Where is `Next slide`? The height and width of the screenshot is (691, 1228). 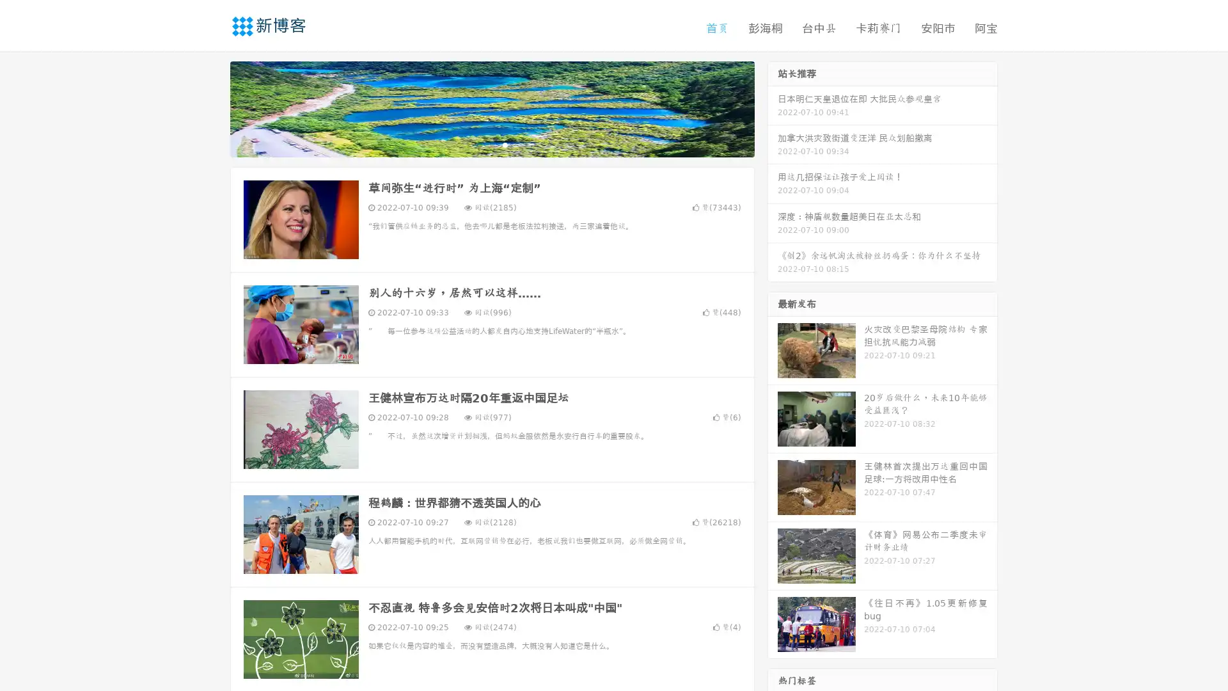
Next slide is located at coordinates (773, 107).